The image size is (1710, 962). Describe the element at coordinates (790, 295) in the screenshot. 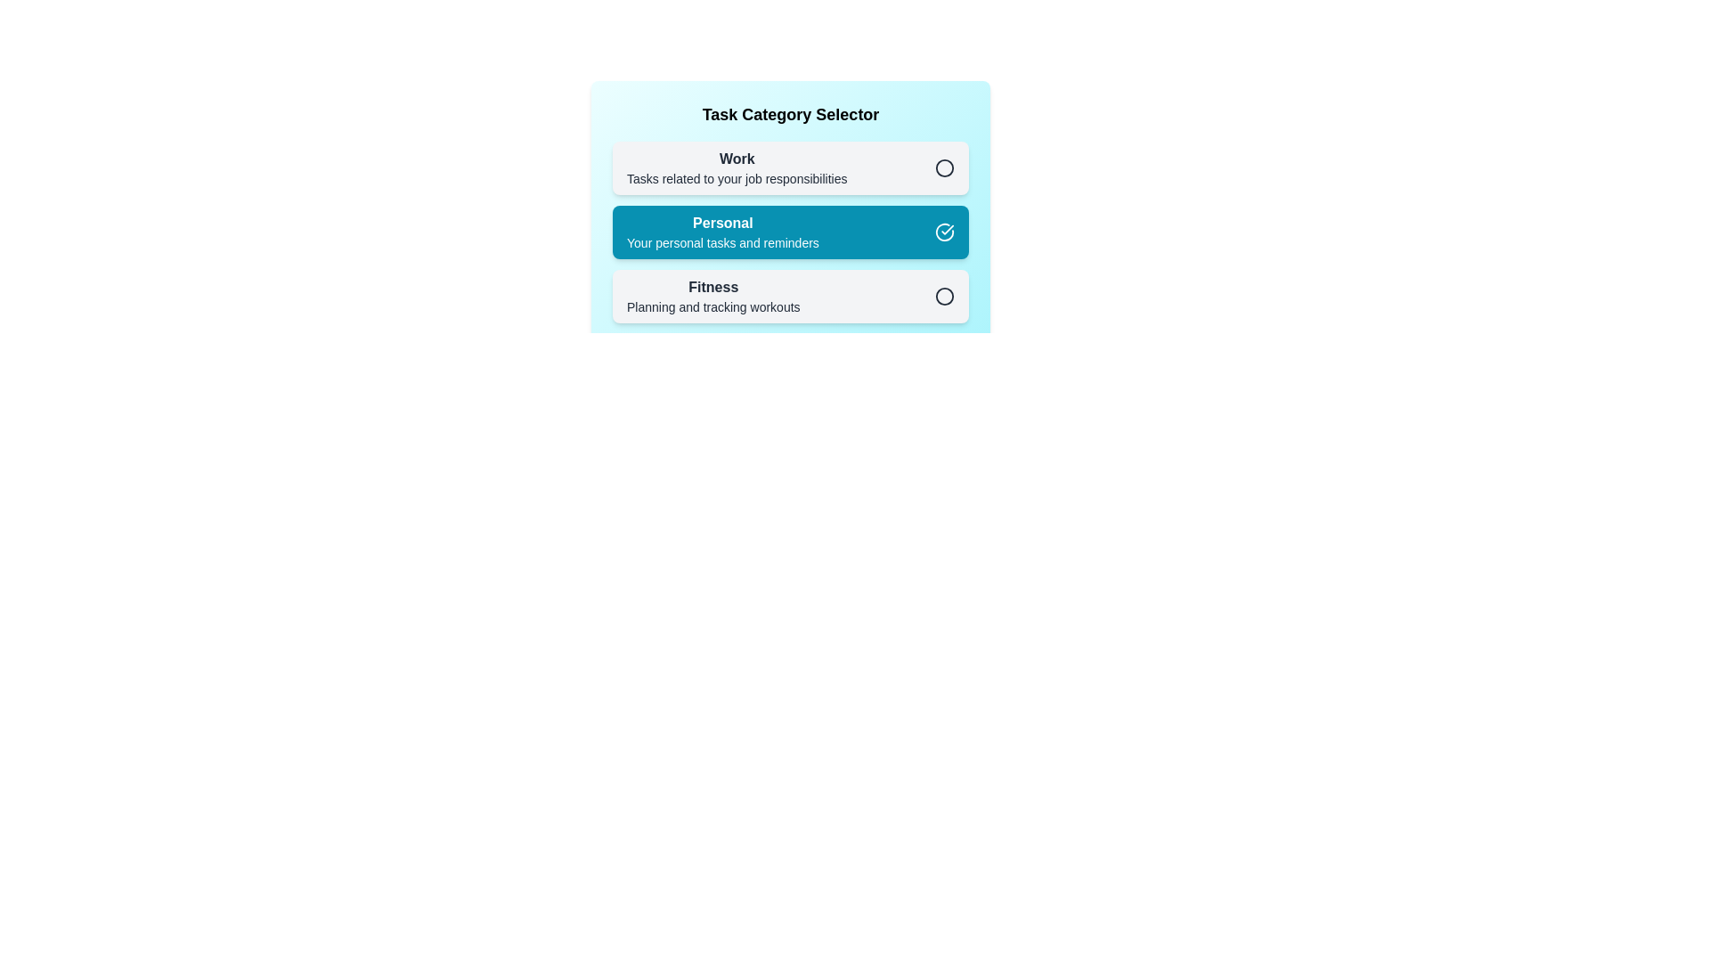

I see `the category Fitness` at that location.